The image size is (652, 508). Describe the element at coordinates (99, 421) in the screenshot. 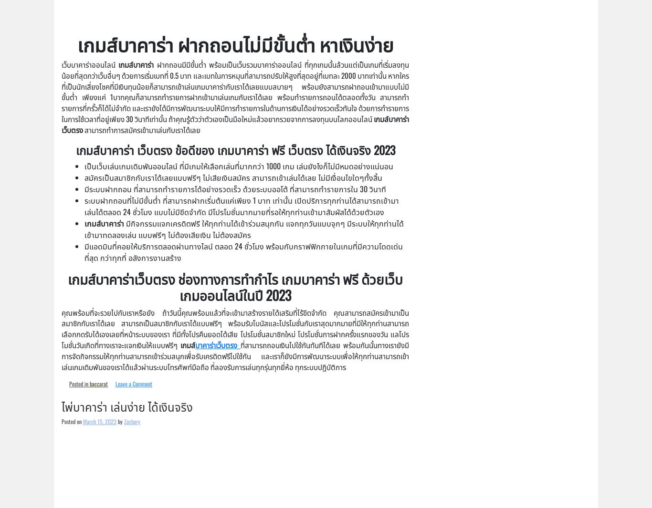

I see `'March 15, 2023'` at that location.